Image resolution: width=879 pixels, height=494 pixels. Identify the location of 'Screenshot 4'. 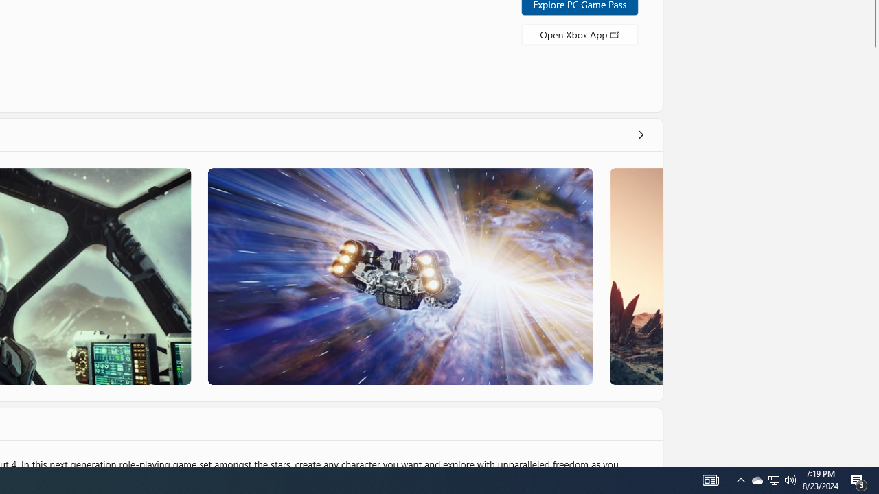
(635, 276).